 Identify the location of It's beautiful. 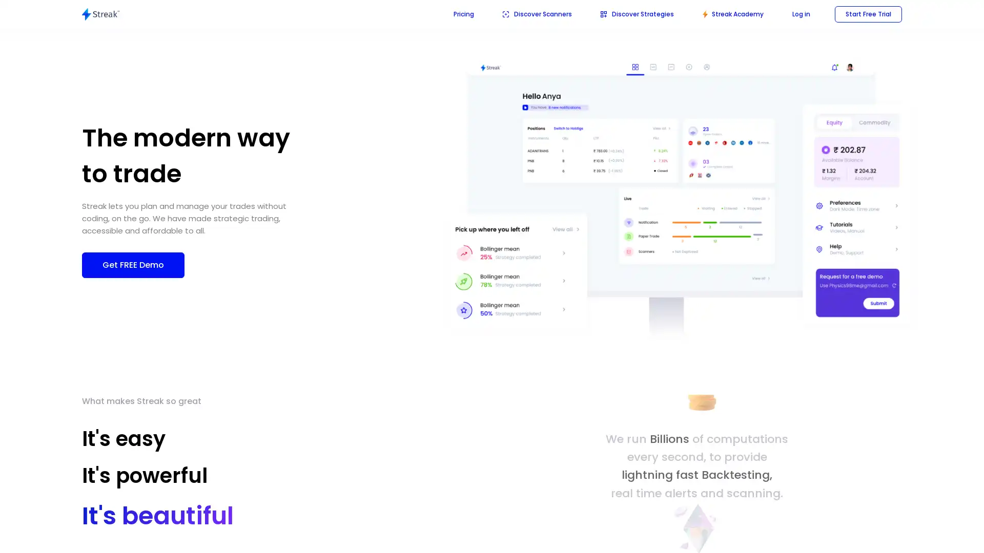
(145, 519).